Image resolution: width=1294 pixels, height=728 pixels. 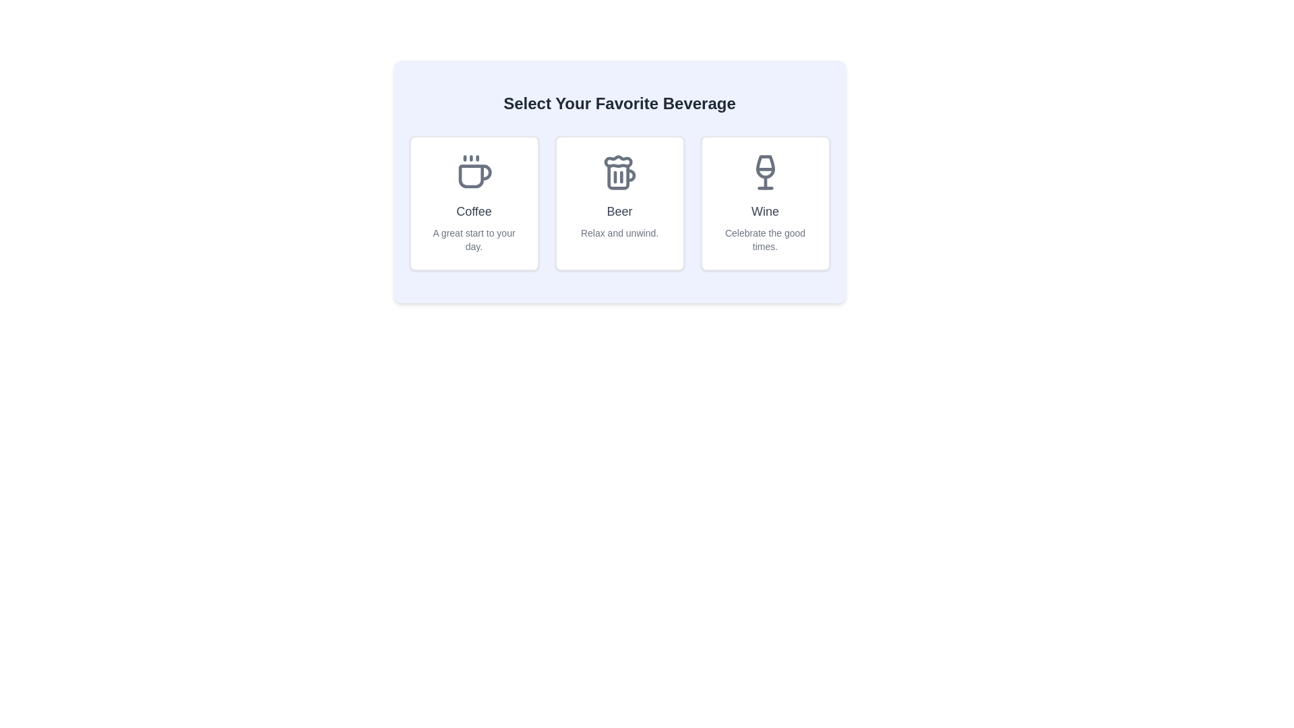 What do you see at coordinates (619, 182) in the screenshot?
I see `the interactive card representing the 'Beer' option in the beverage selection list to choose it as the selected beverage` at bounding box center [619, 182].